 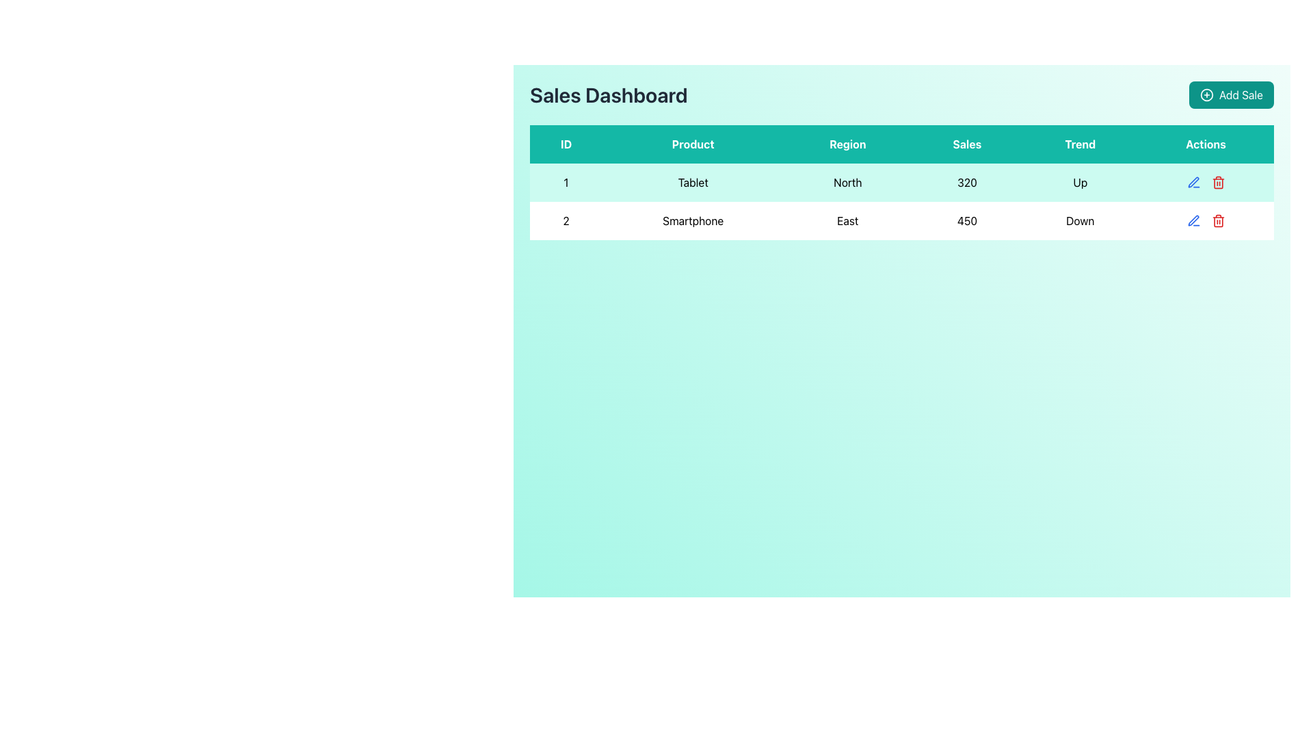 What do you see at coordinates (902, 220) in the screenshot?
I see `the second row of the table that contains the ID '2', Product 'Smartphone', Region 'East', Sales '450', Trend 'Down', and action icons (pen and trash bin)` at bounding box center [902, 220].